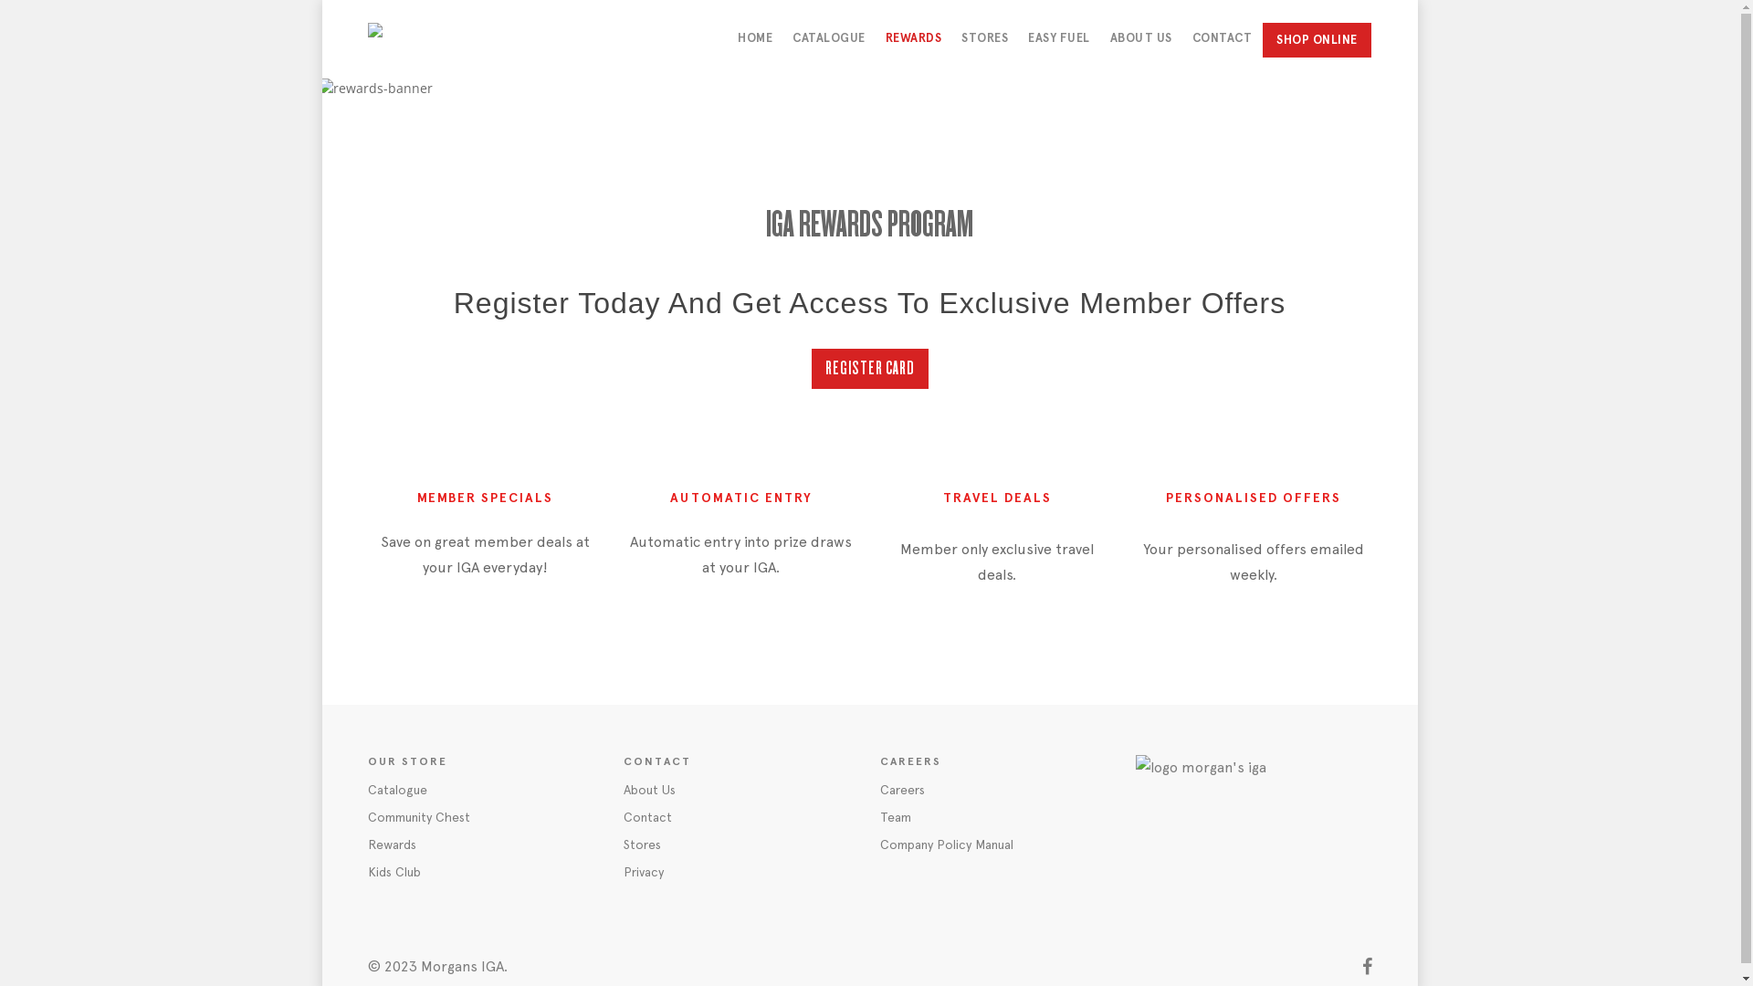 The height and width of the screenshot is (986, 1753). Describe the element at coordinates (997, 844) in the screenshot. I see `'Company Policy Manual'` at that location.